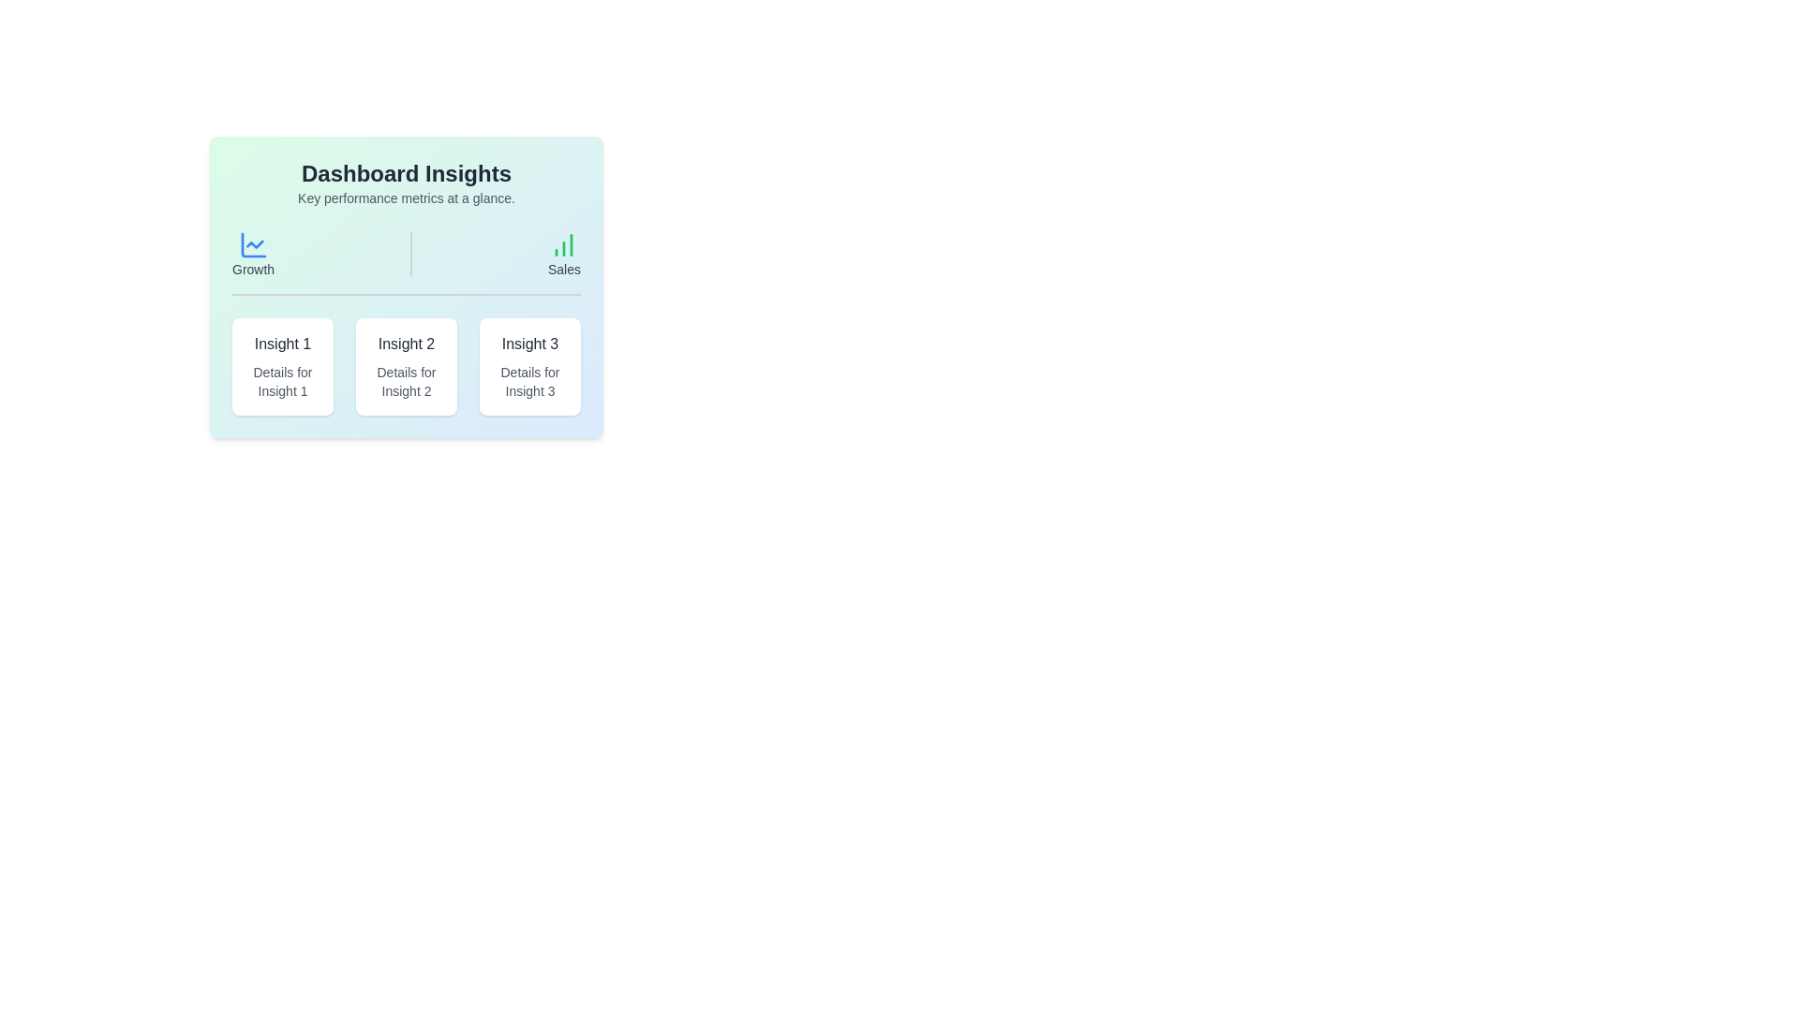 This screenshot has height=1011, width=1799. Describe the element at coordinates (405, 367) in the screenshot. I see `the content cards displayed in the grid layout located beneath the 'Dashboard Insights' heading and above the 'Growth' and 'Sales' sections by clicking on them` at that location.